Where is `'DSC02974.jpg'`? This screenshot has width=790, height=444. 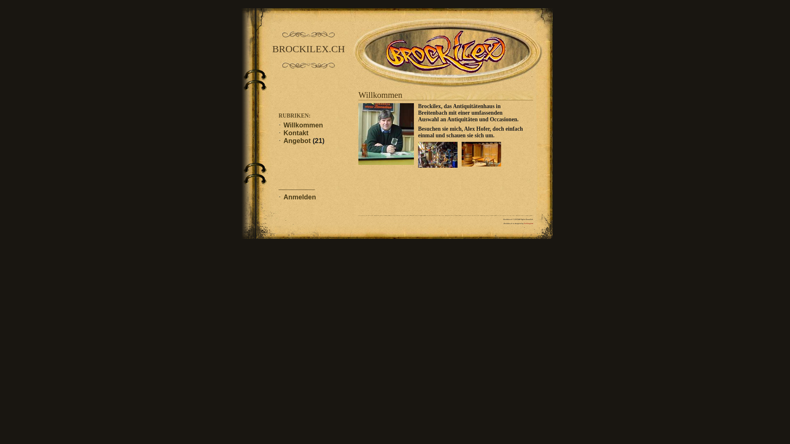 'DSC02974.jpg' is located at coordinates (418, 155).